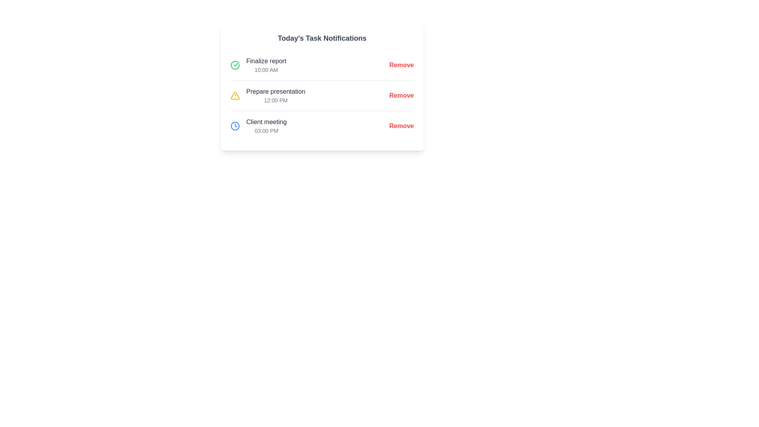 This screenshot has width=759, height=427. Describe the element at coordinates (259, 126) in the screenshot. I see `the list item labeled 'Client meeting' with the timestamp '03:00 PM' and a clock icon to its left, which is the third item in the notification box` at that location.